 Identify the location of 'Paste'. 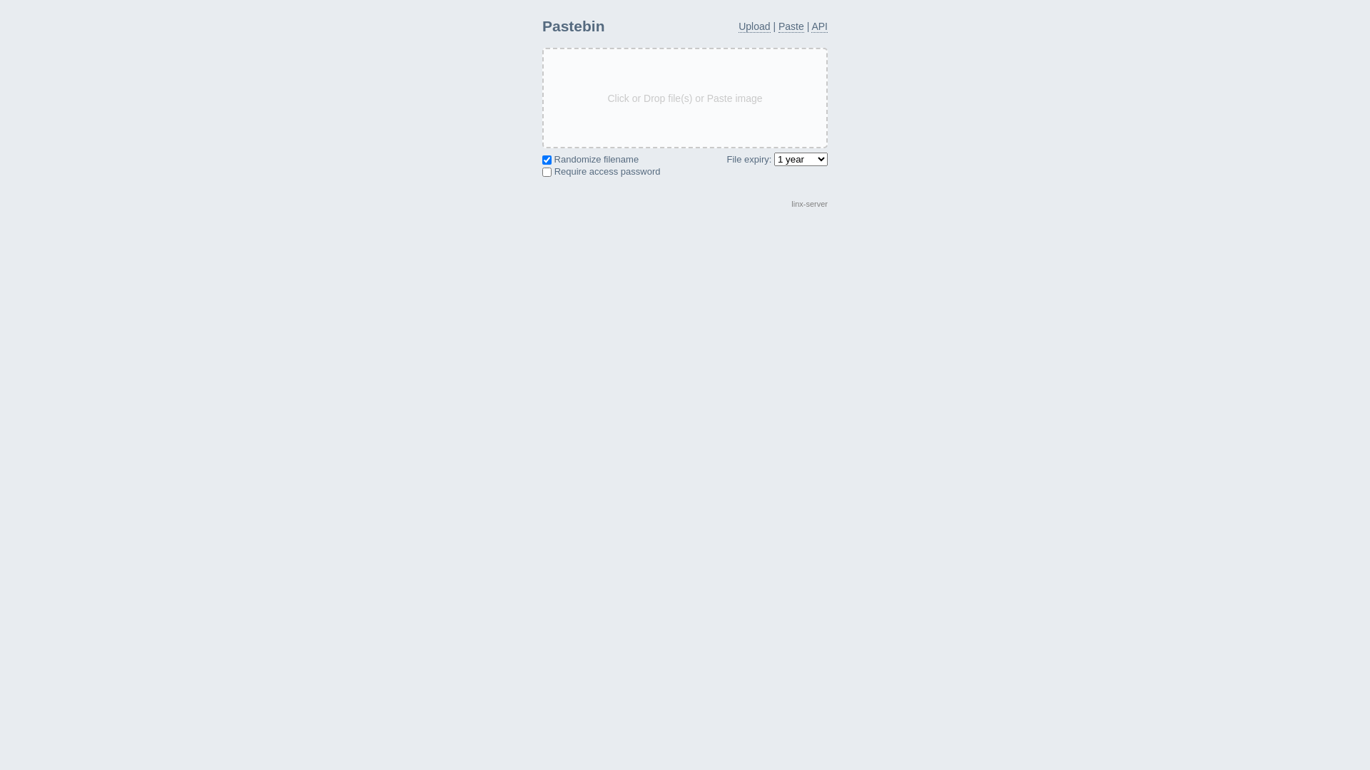
(790, 26).